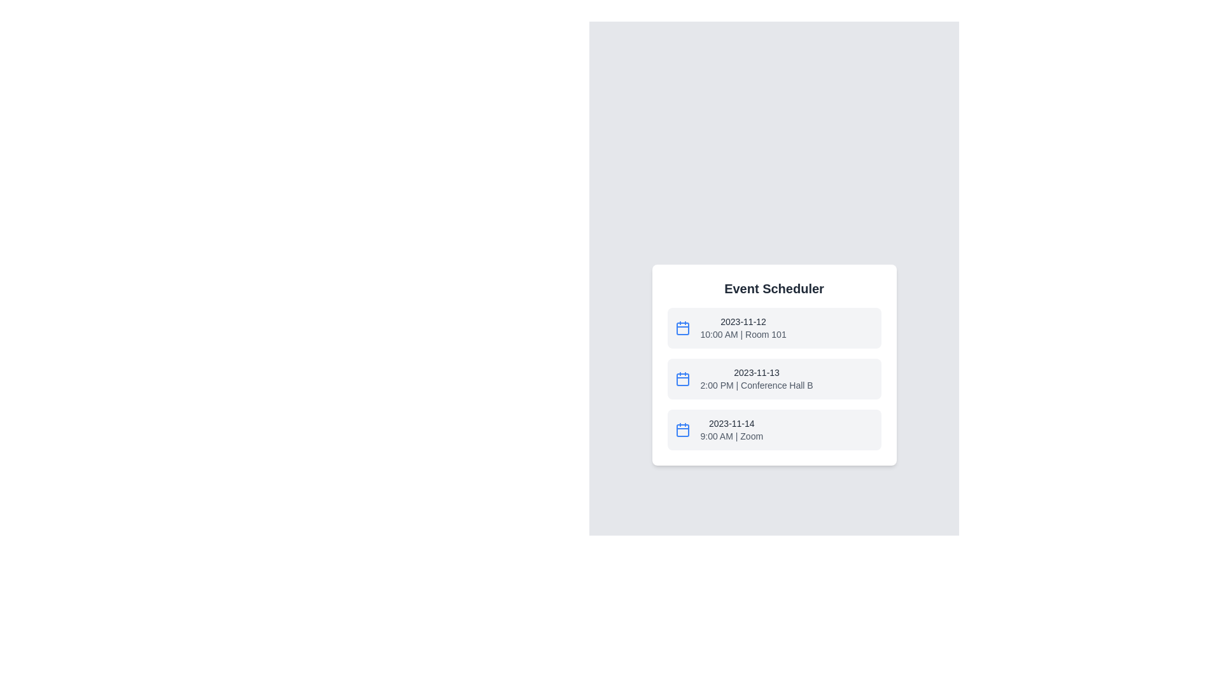 This screenshot has height=687, width=1222. Describe the element at coordinates (773, 429) in the screenshot. I see `the third event card in the 'Event Scheduler' section` at that location.